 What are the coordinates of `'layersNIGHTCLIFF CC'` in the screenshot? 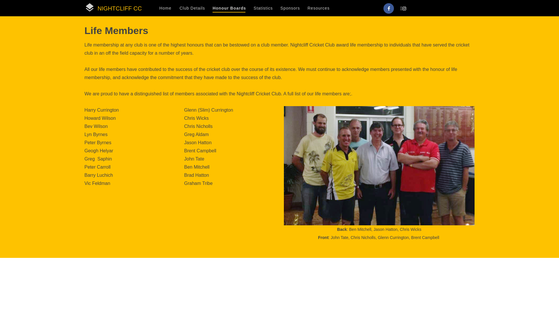 It's located at (113, 8).